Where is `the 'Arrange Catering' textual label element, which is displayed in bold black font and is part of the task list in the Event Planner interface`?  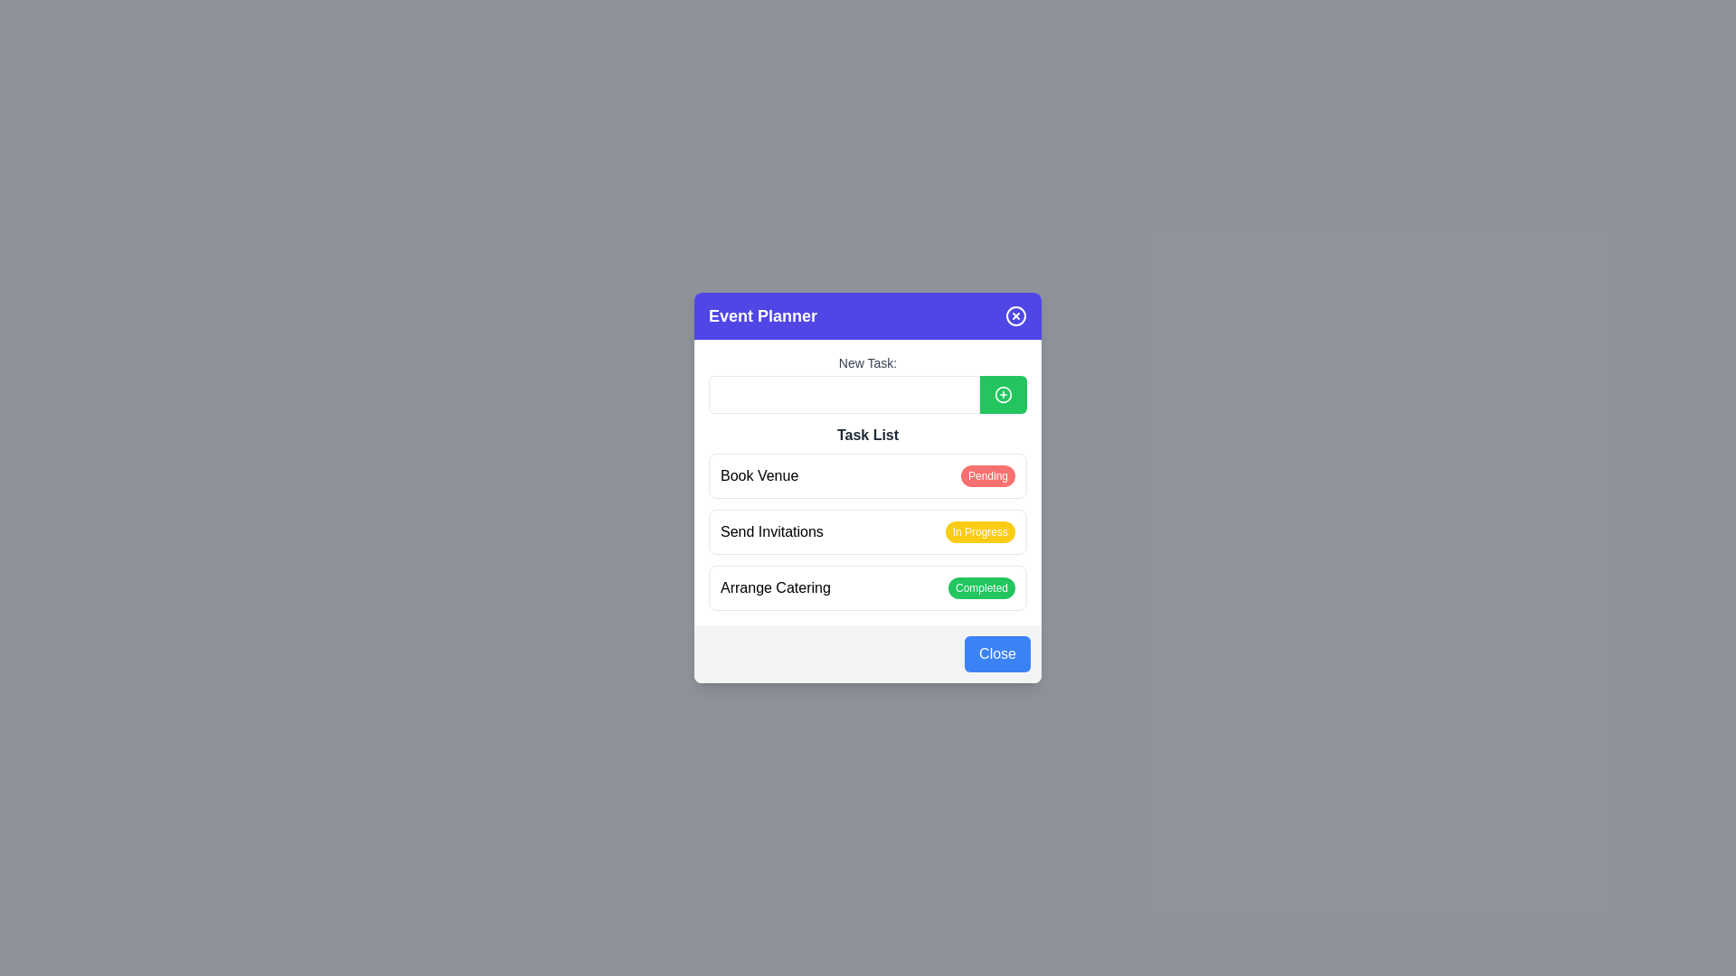
the 'Arrange Catering' textual label element, which is displayed in bold black font and is part of the task list in the Event Planner interface is located at coordinates (775, 588).